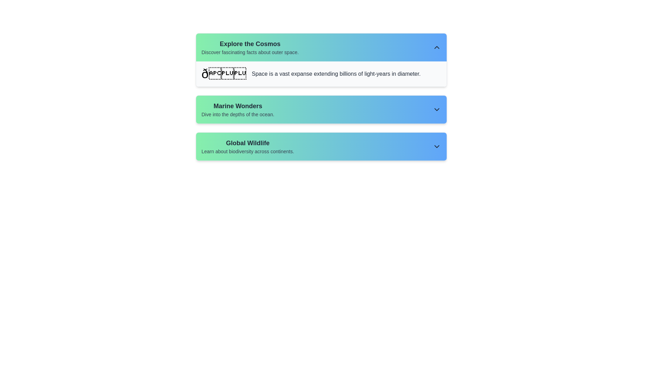 This screenshot has width=670, height=377. I want to click on the 'Marine Wonders' text label, which is a bold and large dark gray font element centrally located in its section, so click(238, 106).